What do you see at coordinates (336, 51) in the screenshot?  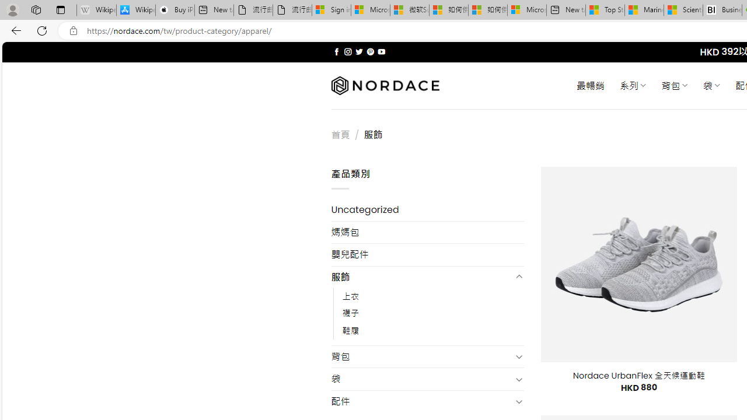 I see `'Follow on Facebook'` at bounding box center [336, 51].